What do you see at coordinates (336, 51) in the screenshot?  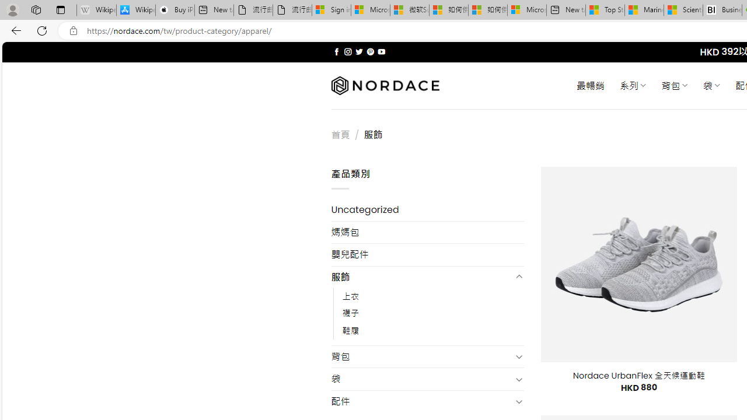 I see `'Follow on Facebook'` at bounding box center [336, 51].